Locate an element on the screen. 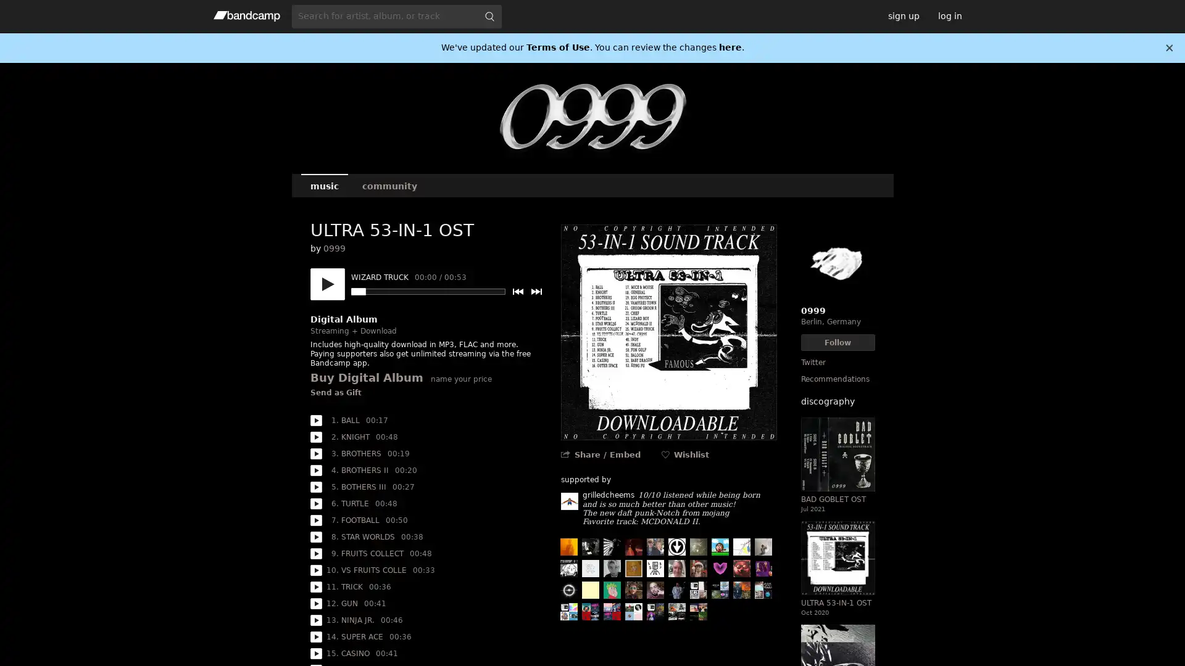 The image size is (1185, 666). Follow is located at coordinates (838, 342).